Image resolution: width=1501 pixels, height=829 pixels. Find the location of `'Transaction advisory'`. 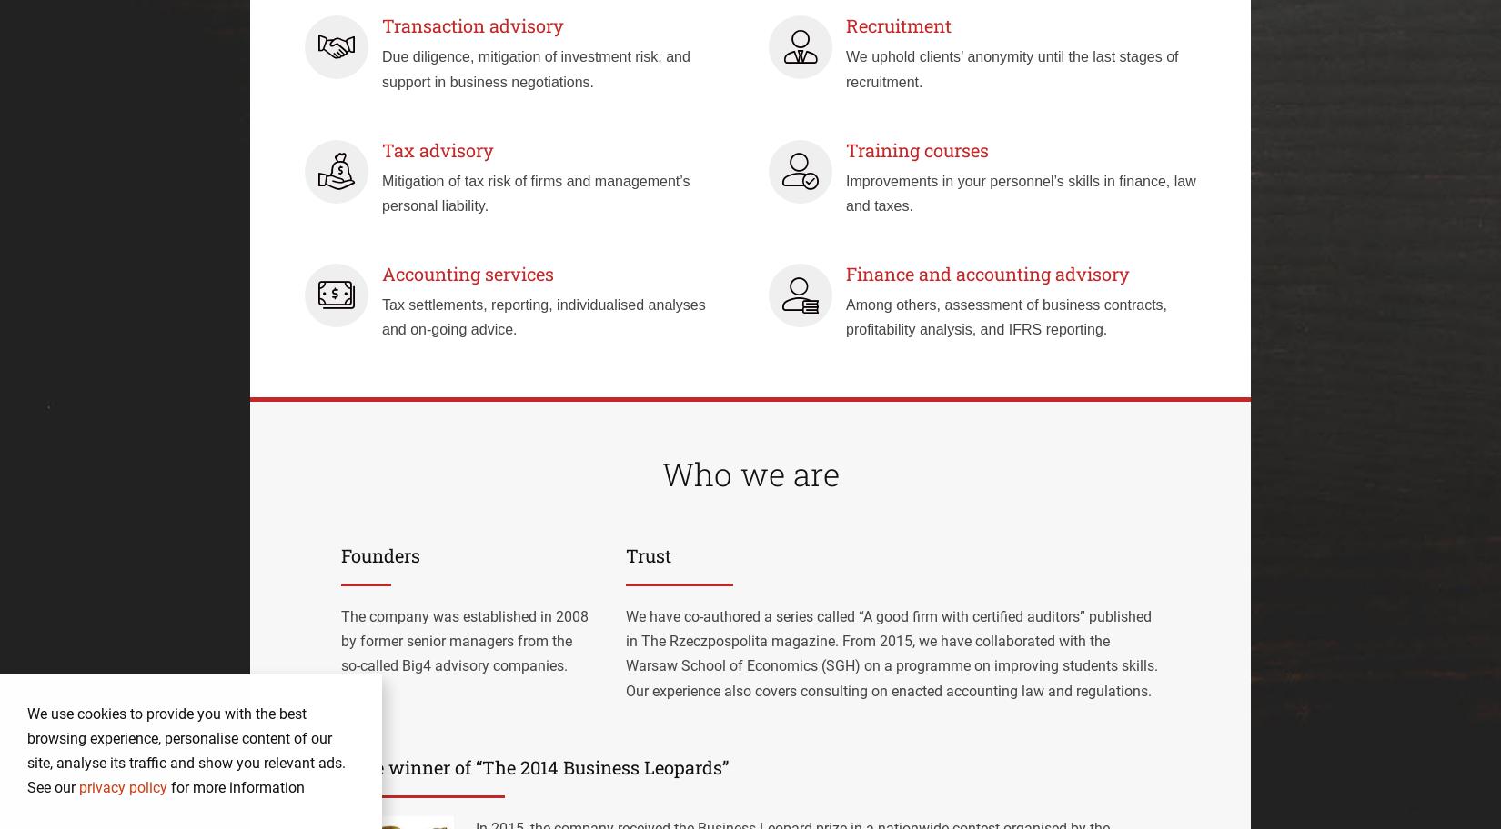

'Transaction advisory' is located at coordinates (472, 25).